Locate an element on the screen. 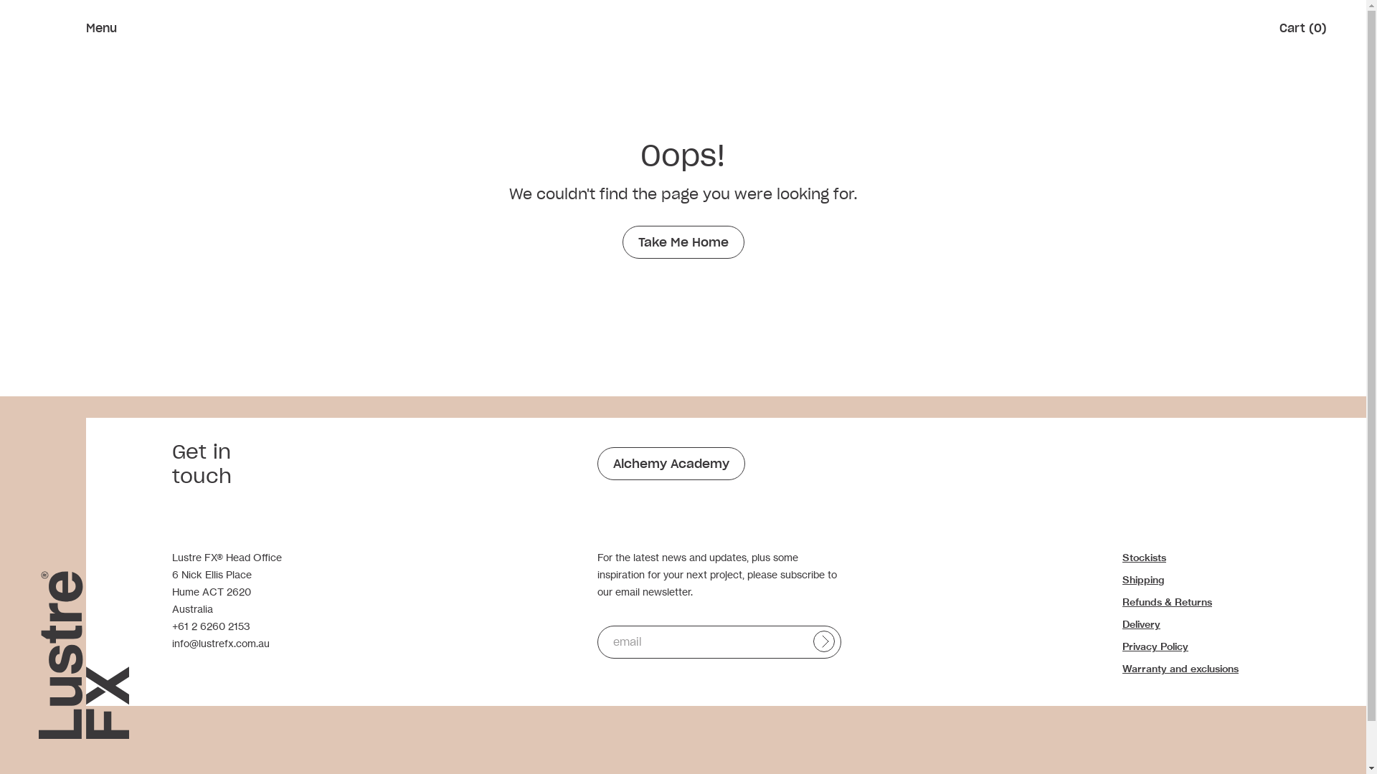 This screenshot has height=774, width=1377. 'Delivery' is located at coordinates (1140, 623).